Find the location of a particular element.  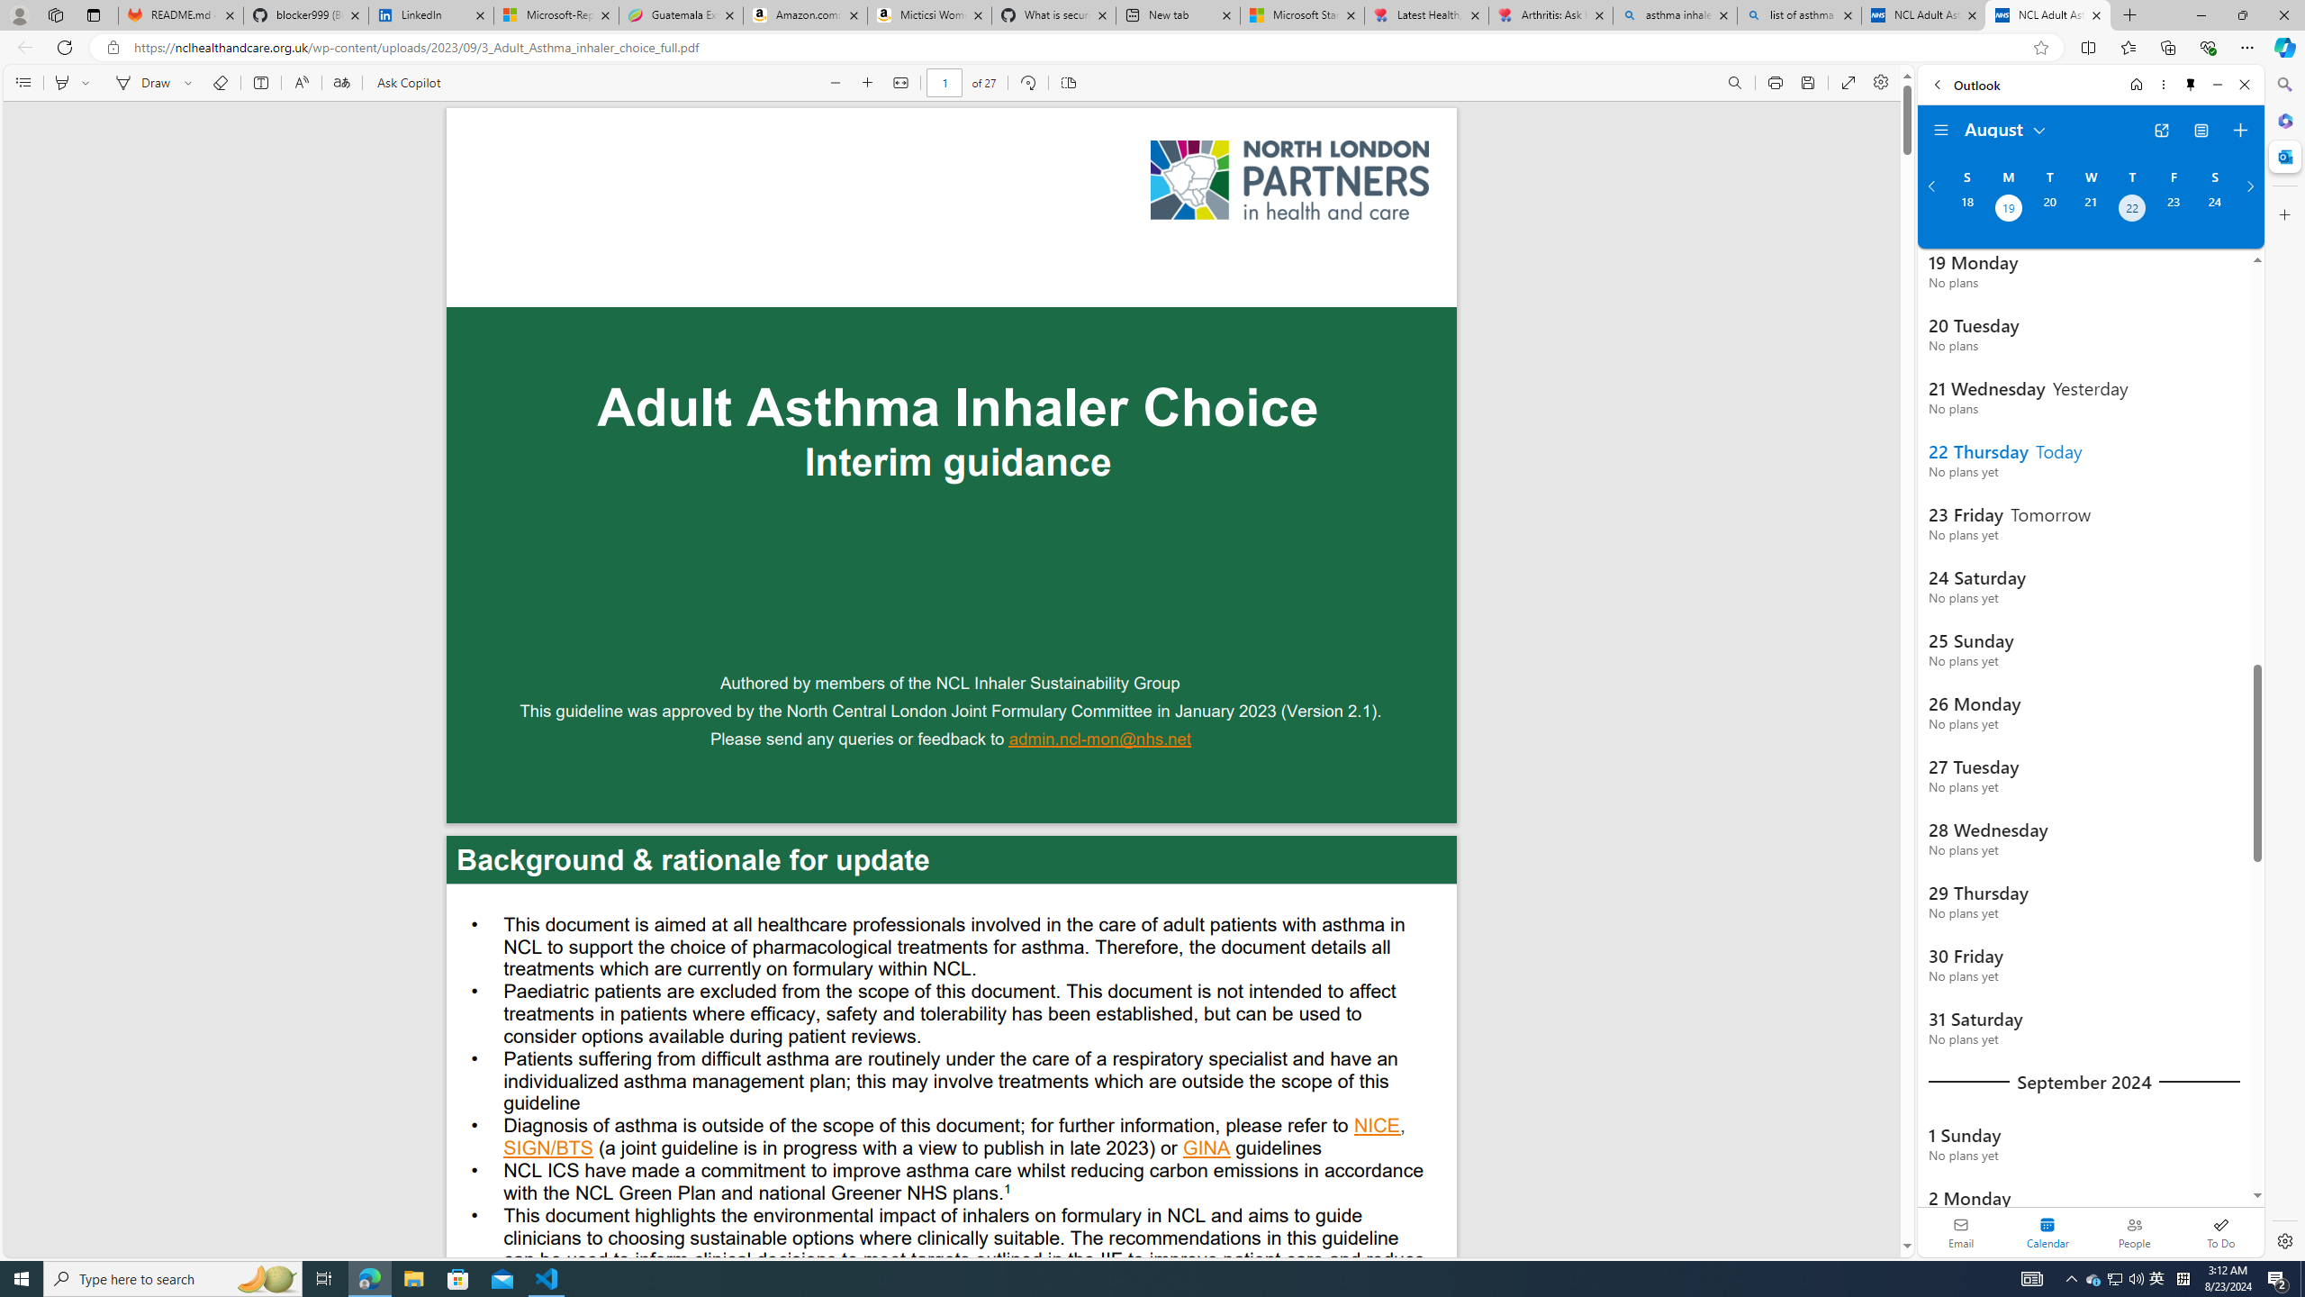

'Read aloud' is located at coordinates (301, 82).